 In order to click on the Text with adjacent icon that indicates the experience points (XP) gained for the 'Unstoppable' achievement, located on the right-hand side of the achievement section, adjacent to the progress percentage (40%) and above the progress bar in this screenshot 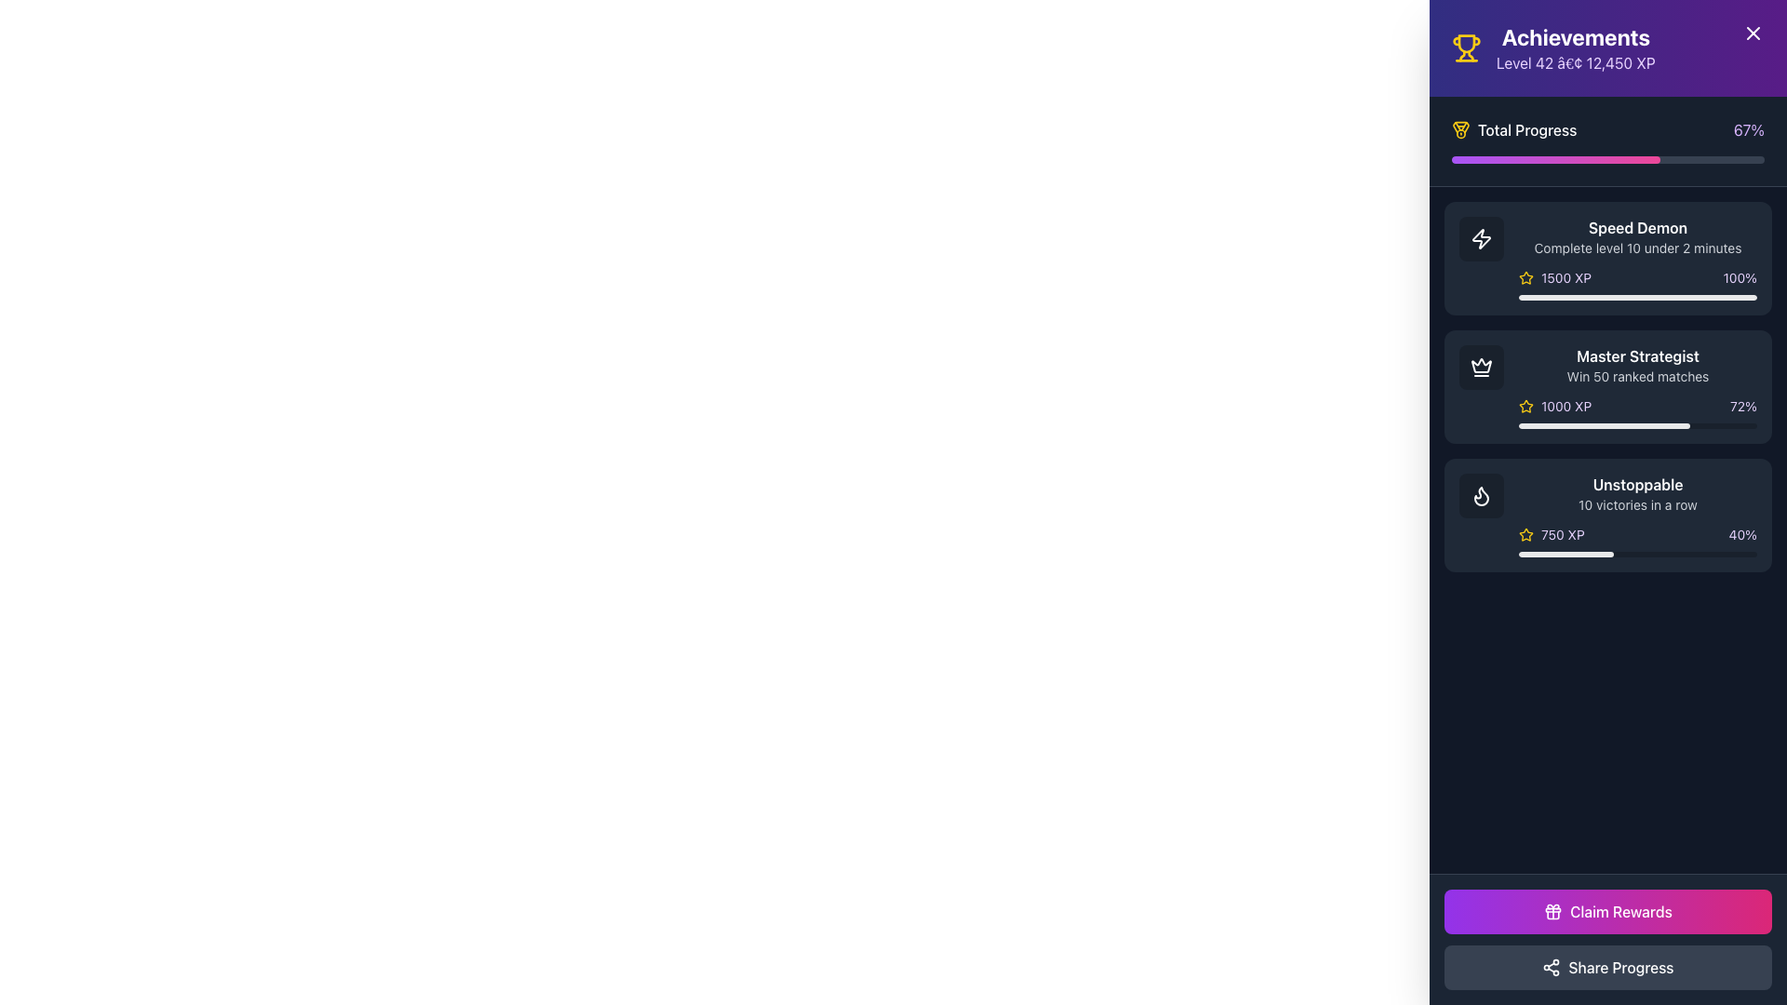, I will do `click(1552, 534)`.